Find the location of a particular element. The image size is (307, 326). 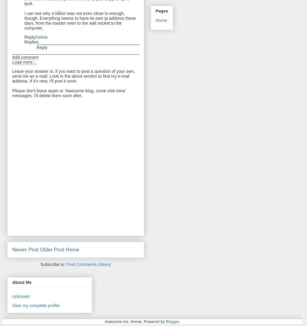

'Replies' is located at coordinates (31, 41).